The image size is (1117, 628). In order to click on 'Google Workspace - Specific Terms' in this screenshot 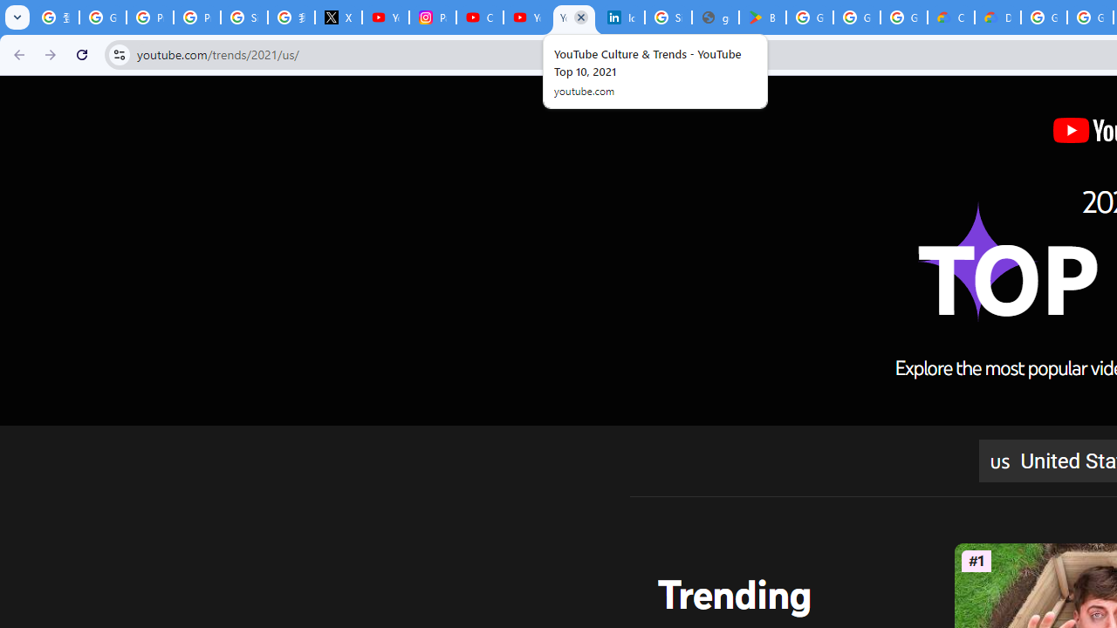, I will do `click(856, 17)`.